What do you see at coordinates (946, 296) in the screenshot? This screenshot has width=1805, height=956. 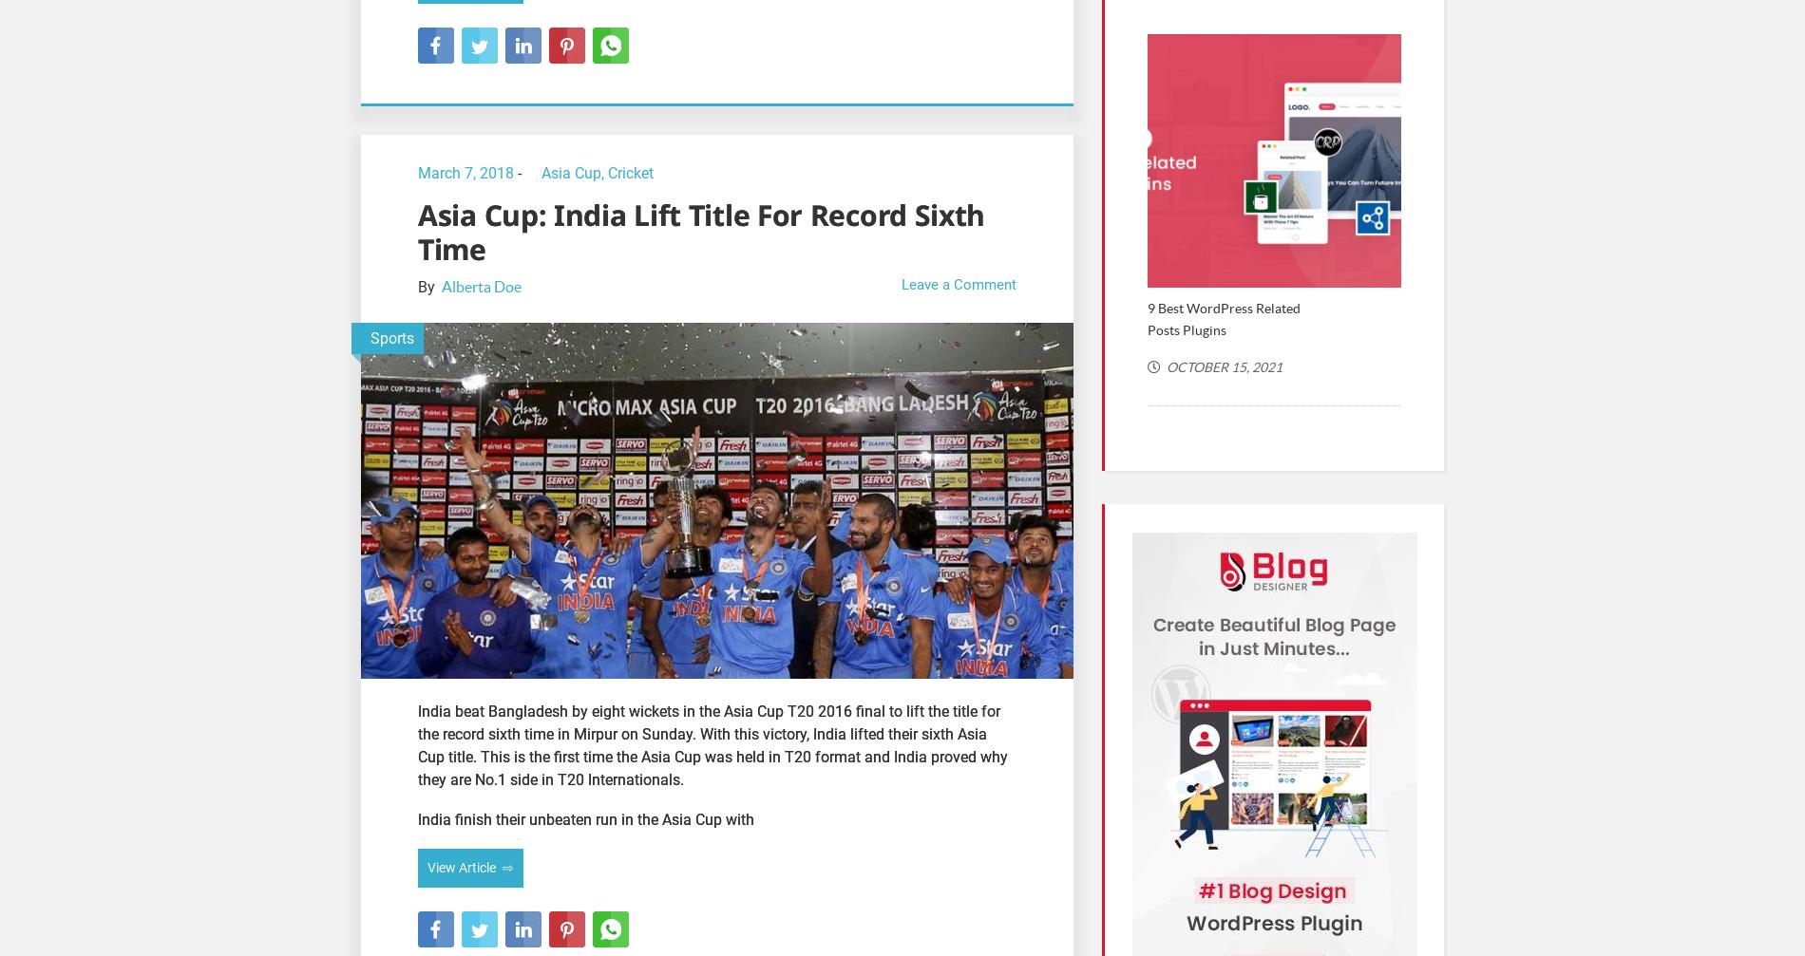 I see `'Cafe Architecture'` at bounding box center [946, 296].